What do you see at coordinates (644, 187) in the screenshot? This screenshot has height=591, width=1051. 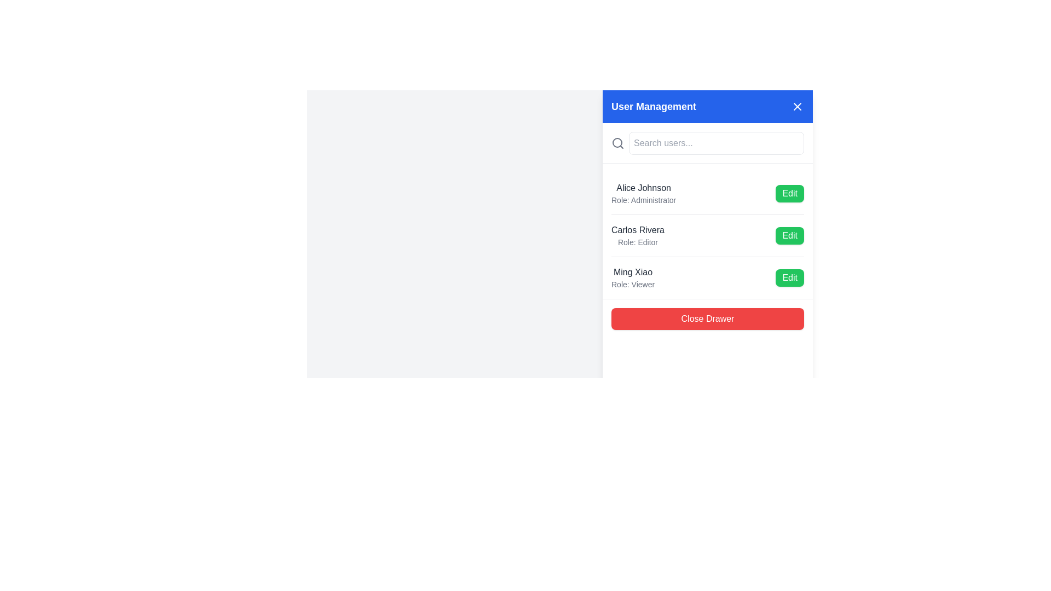 I see `the text label displaying 'Alice Johnson', which is formatted in medium font weight and dark gray color, located near the top left of the user list section` at bounding box center [644, 187].